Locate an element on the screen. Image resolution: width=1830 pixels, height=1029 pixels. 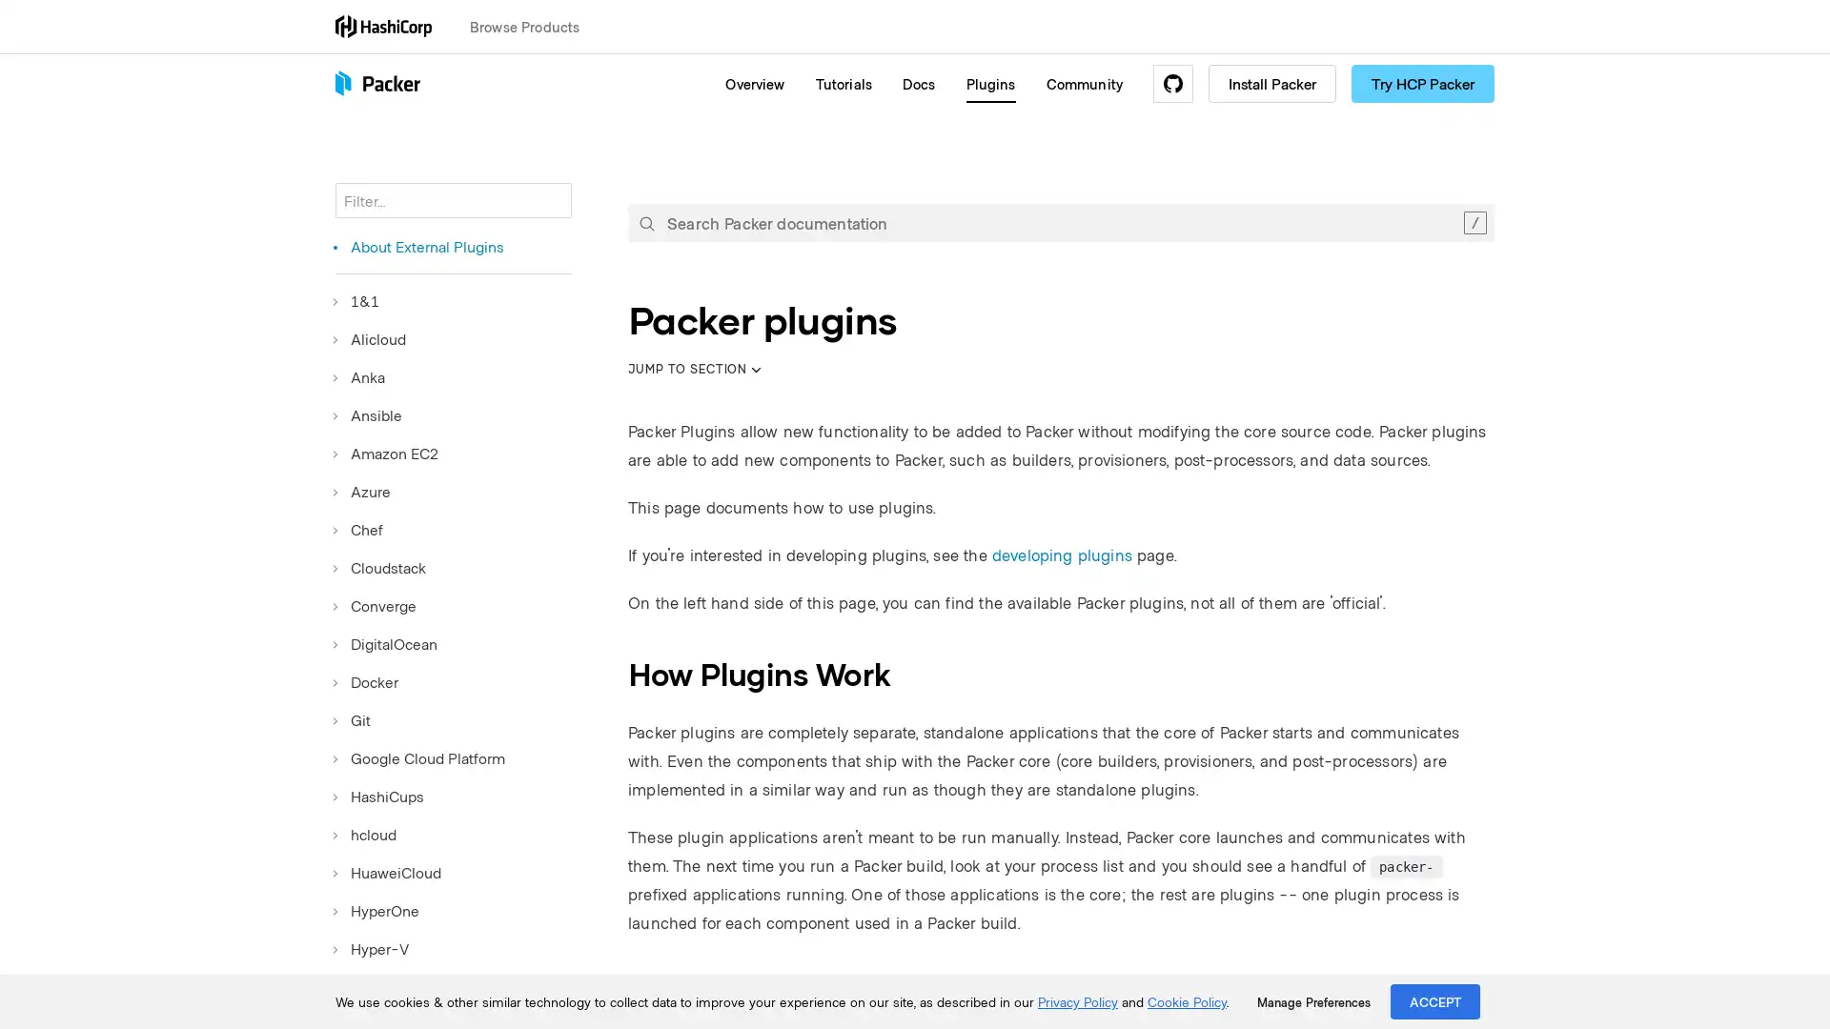
HyperOne is located at coordinates (376, 910).